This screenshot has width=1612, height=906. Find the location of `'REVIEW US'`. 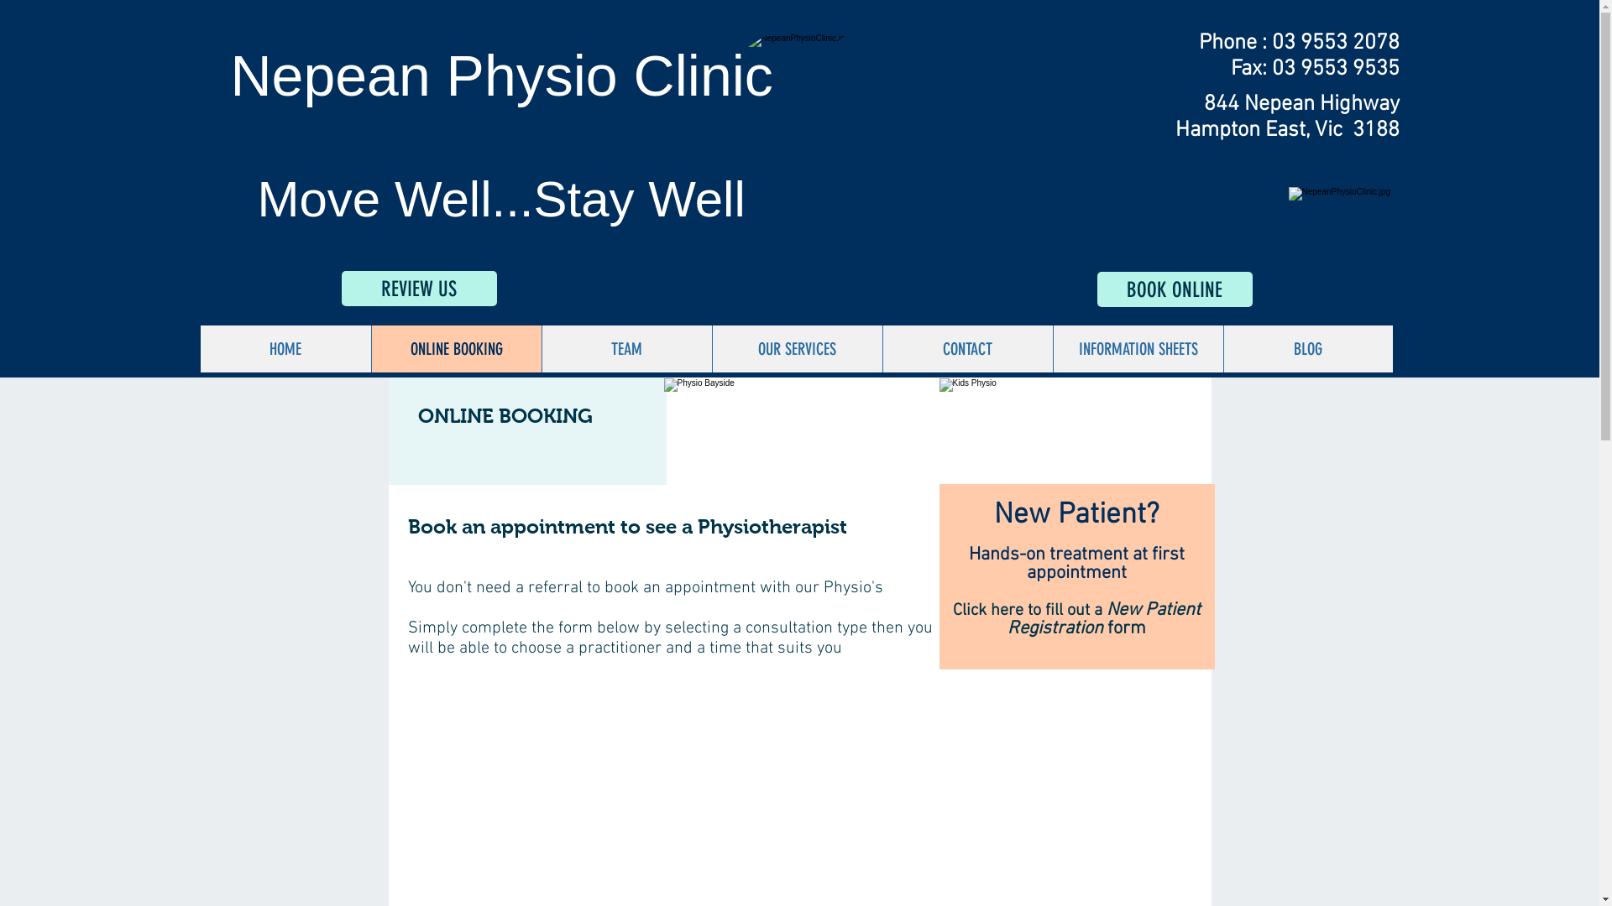

'REVIEW US' is located at coordinates (340, 287).